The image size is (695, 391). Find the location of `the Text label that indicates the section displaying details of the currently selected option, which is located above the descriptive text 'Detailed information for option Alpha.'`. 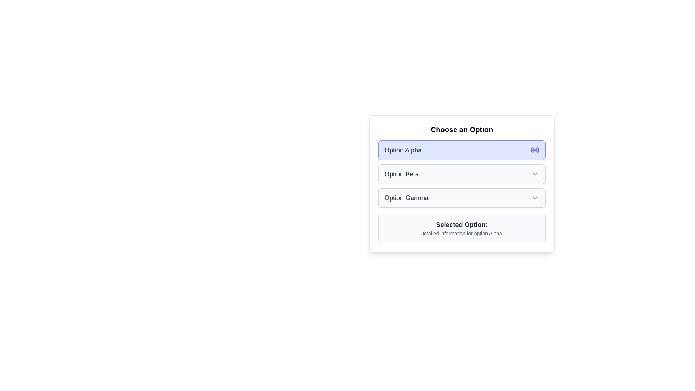

the Text label that indicates the section displaying details of the currently selected option, which is located above the descriptive text 'Detailed information for option Alpha.' is located at coordinates (462, 224).